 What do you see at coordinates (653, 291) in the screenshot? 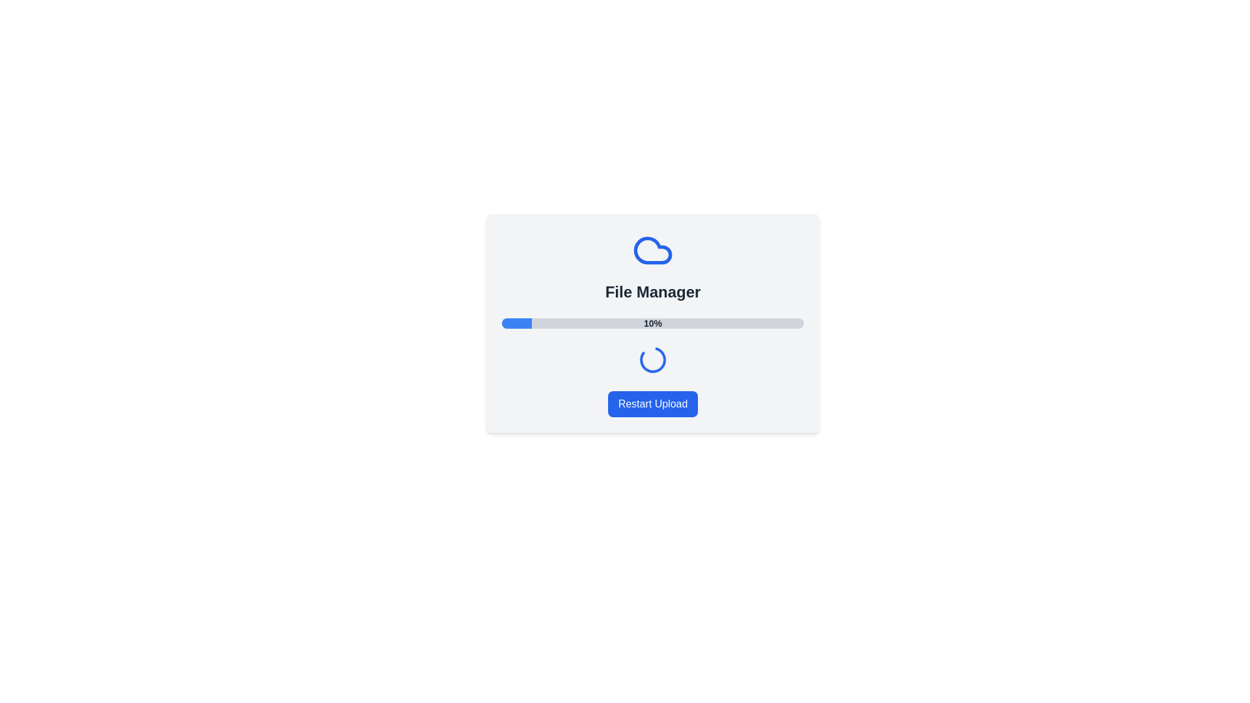
I see `the text label that serves as the title for the modal, located below the blue cloud icon and above the progress bar, with a light gray background` at bounding box center [653, 291].